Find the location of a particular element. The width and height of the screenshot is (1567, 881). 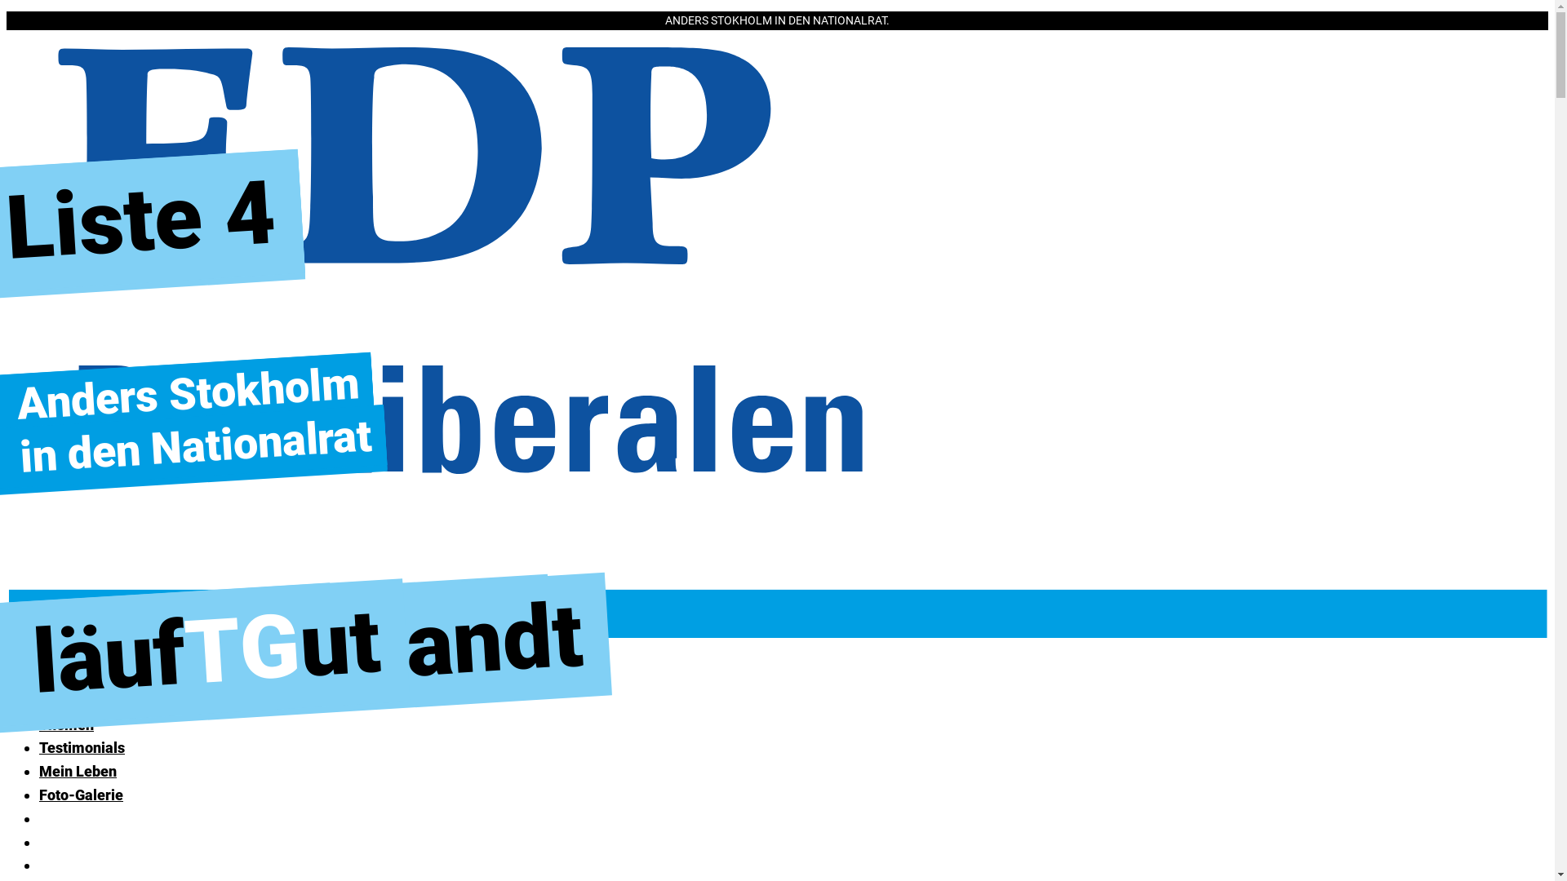

'Mein Leben' is located at coordinates (77, 771).